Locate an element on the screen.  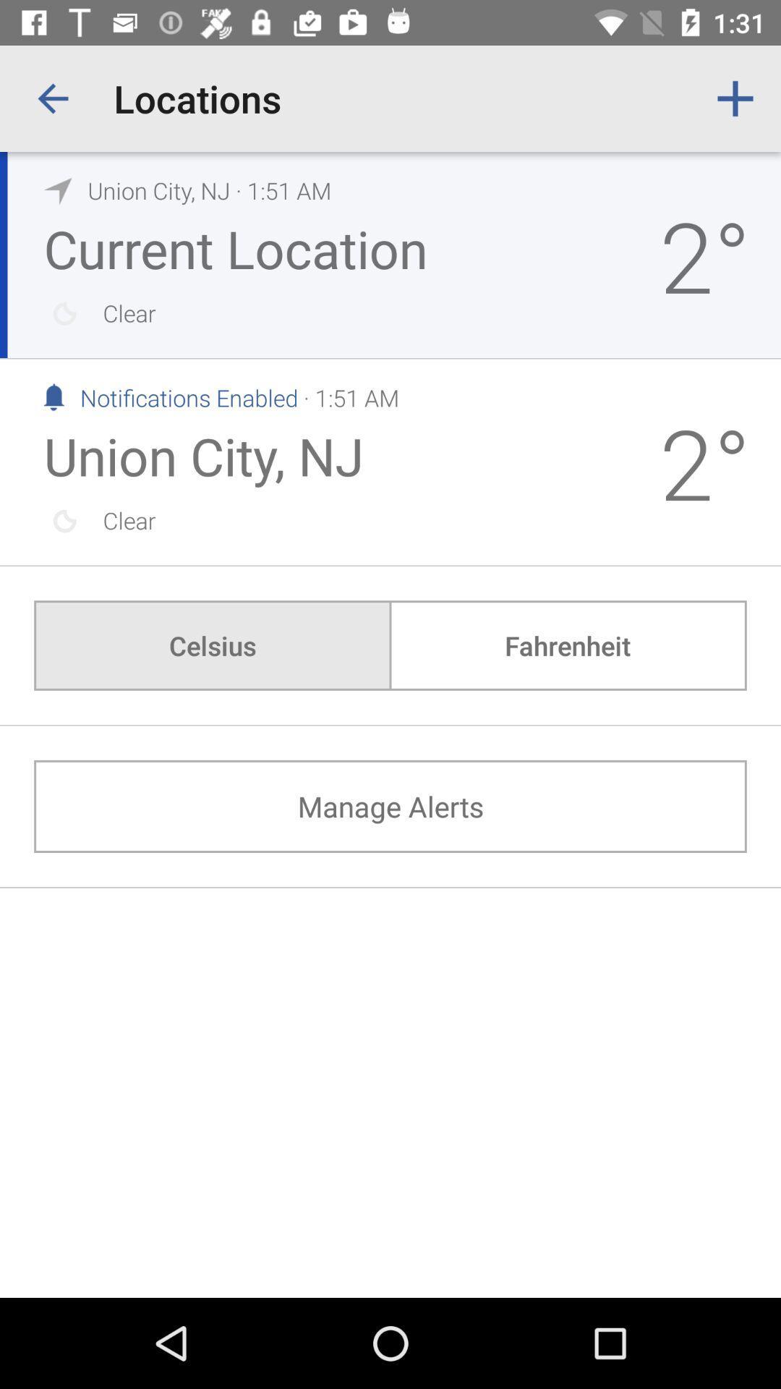
the icon above the manage alerts icon is located at coordinates (213, 645).